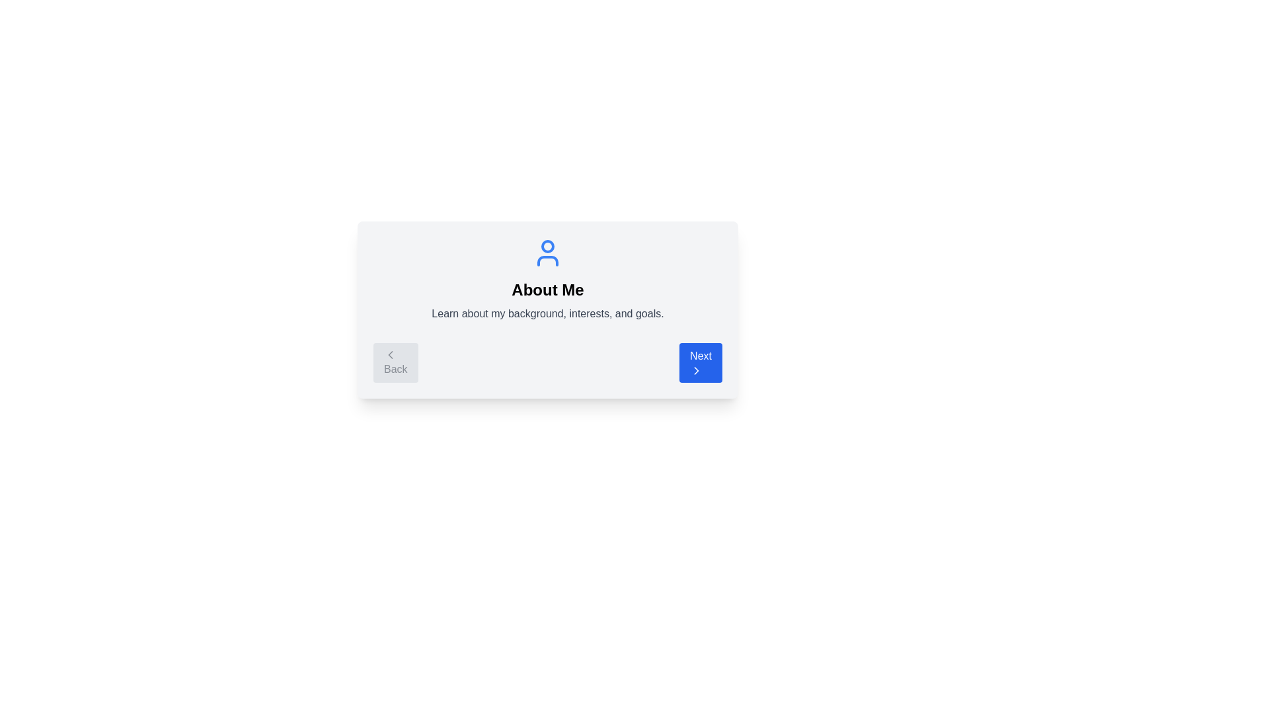 The image size is (1269, 714). What do you see at coordinates (548, 247) in the screenshot?
I see `the circular vector graphic element representing the head of the user icon, which is filled with white and has a blue outline, located at the top center of the card` at bounding box center [548, 247].